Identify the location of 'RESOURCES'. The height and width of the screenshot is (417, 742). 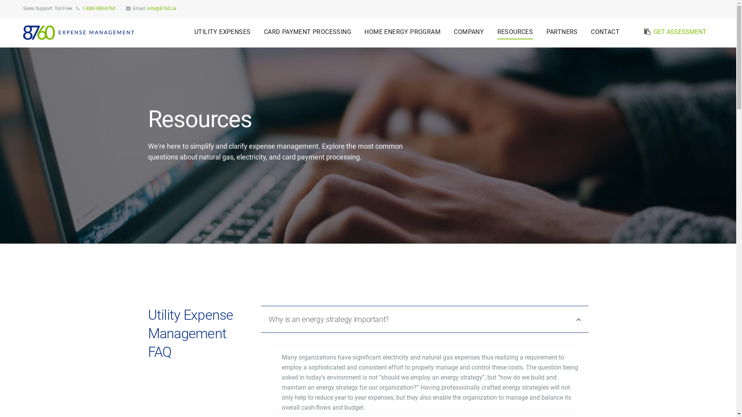
(515, 32).